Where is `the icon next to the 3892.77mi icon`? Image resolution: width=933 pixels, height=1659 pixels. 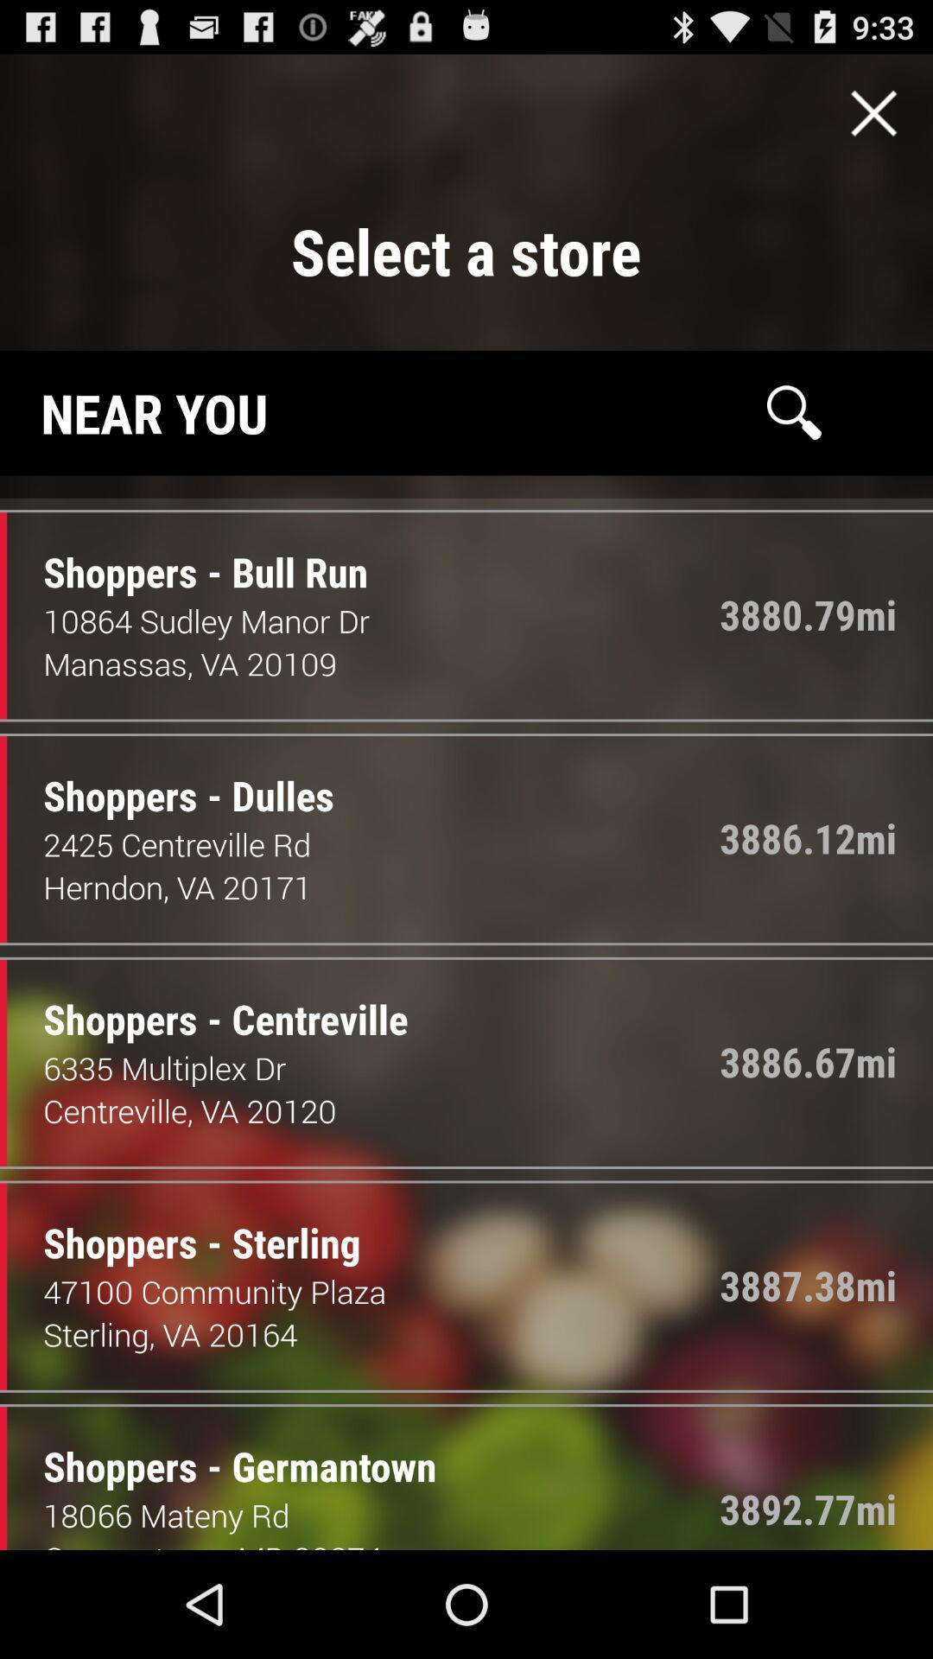
the icon next to the 3892.77mi icon is located at coordinates (380, 1514).